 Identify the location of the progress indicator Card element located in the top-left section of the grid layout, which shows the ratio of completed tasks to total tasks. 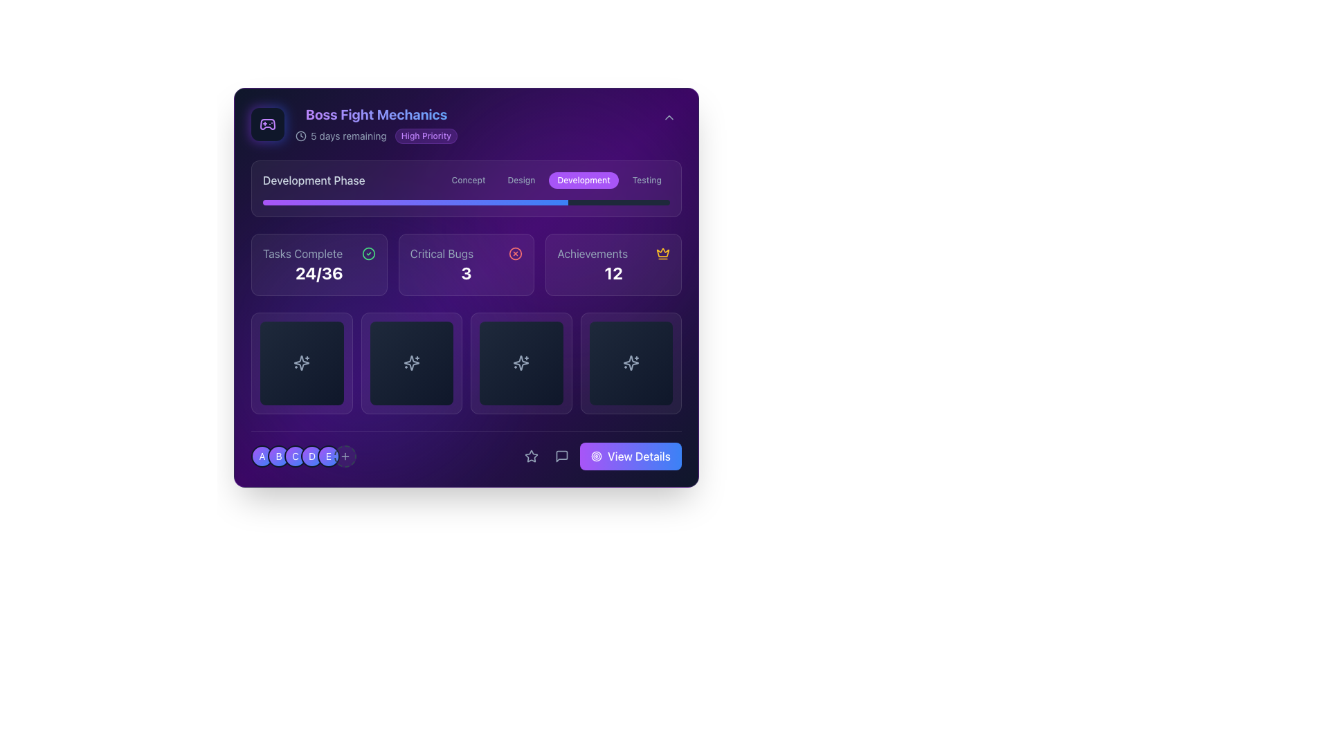
(318, 264).